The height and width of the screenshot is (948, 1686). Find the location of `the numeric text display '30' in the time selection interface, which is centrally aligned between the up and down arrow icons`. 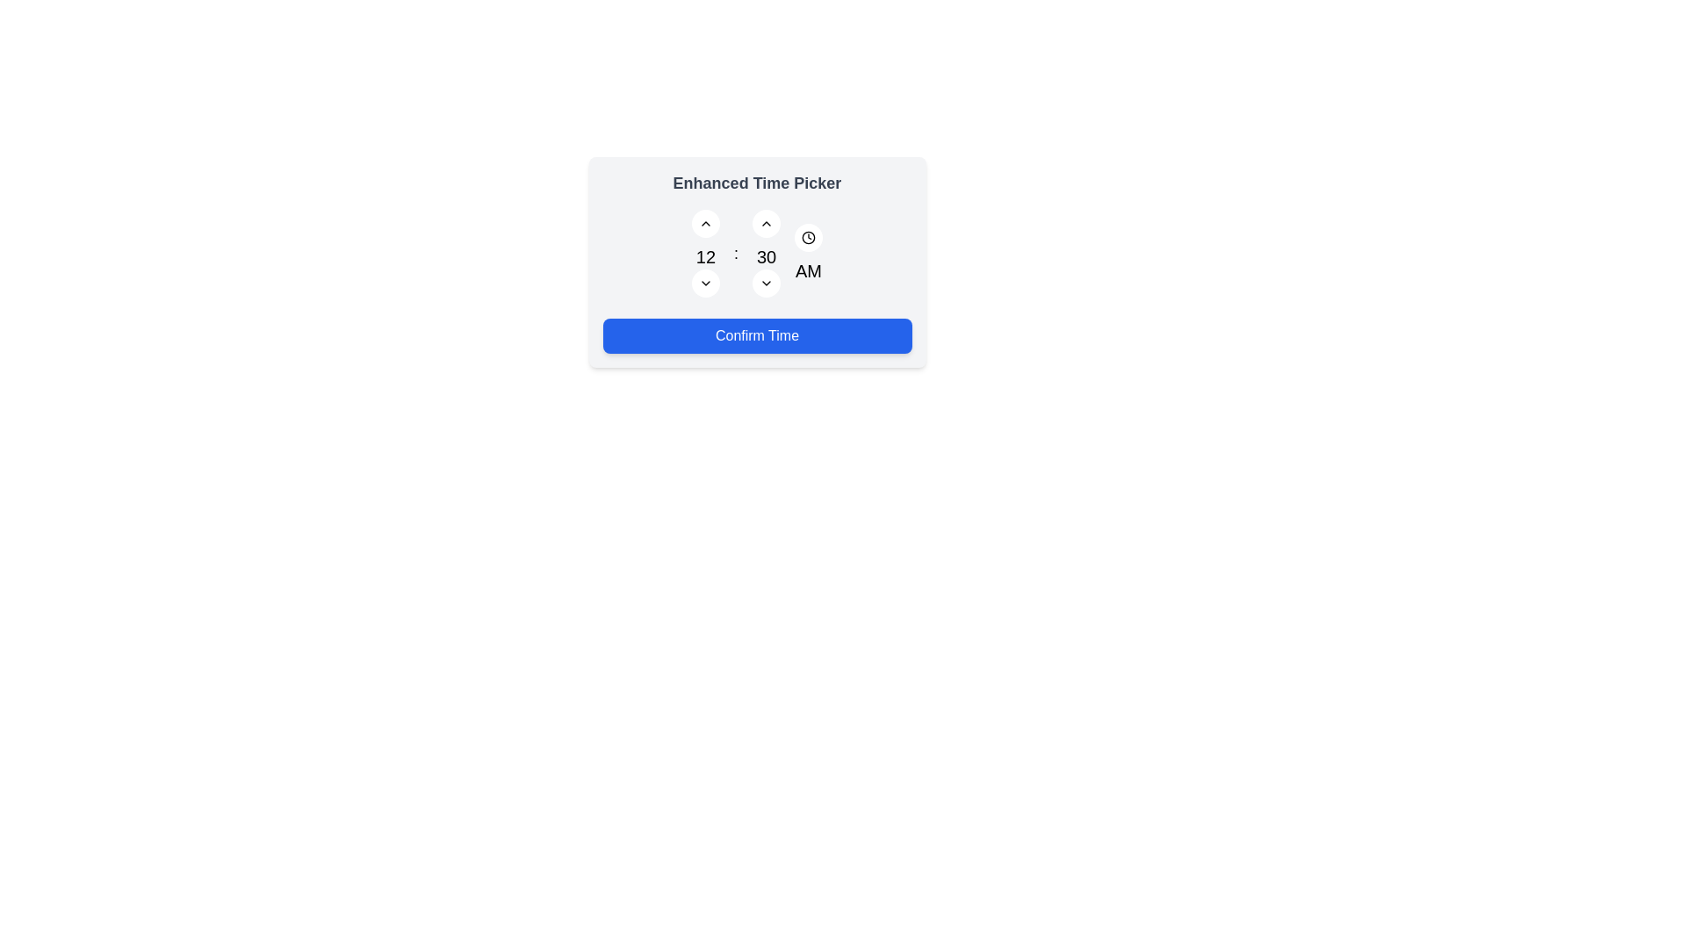

the numeric text display '30' in the time selection interface, which is centrally aligned between the up and down arrow icons is located at coordinates (767, 257).